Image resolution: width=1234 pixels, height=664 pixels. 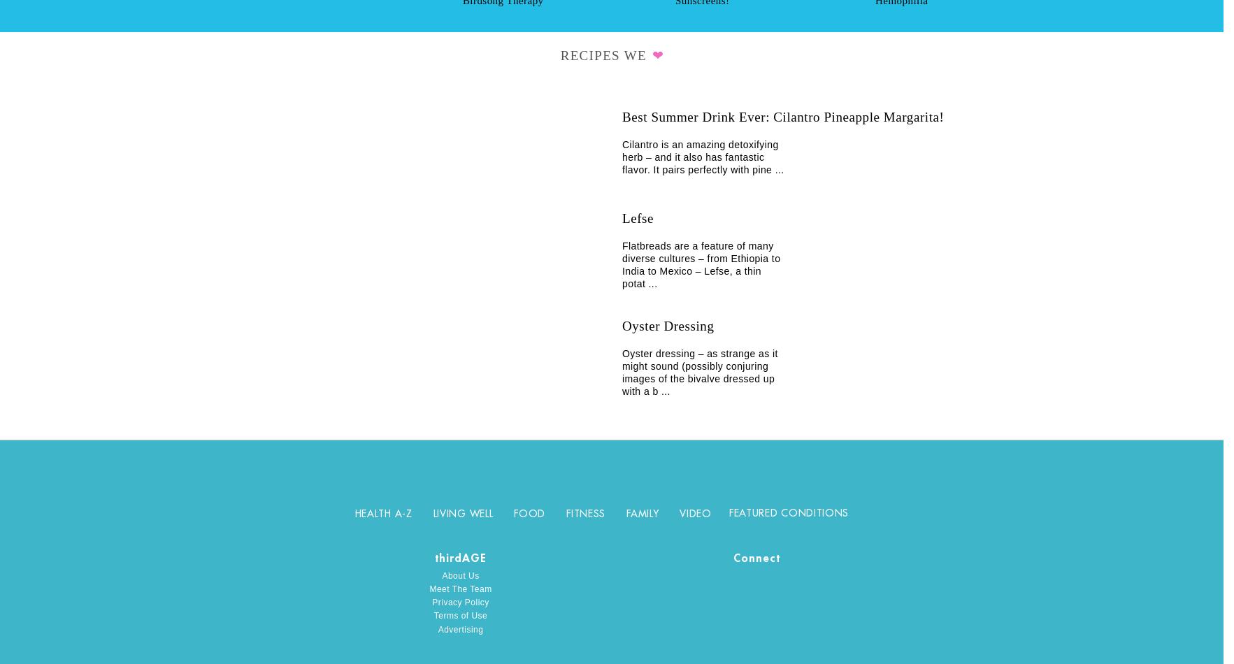 I want to click on 'Meet The Team', so click(x=459, y=589).